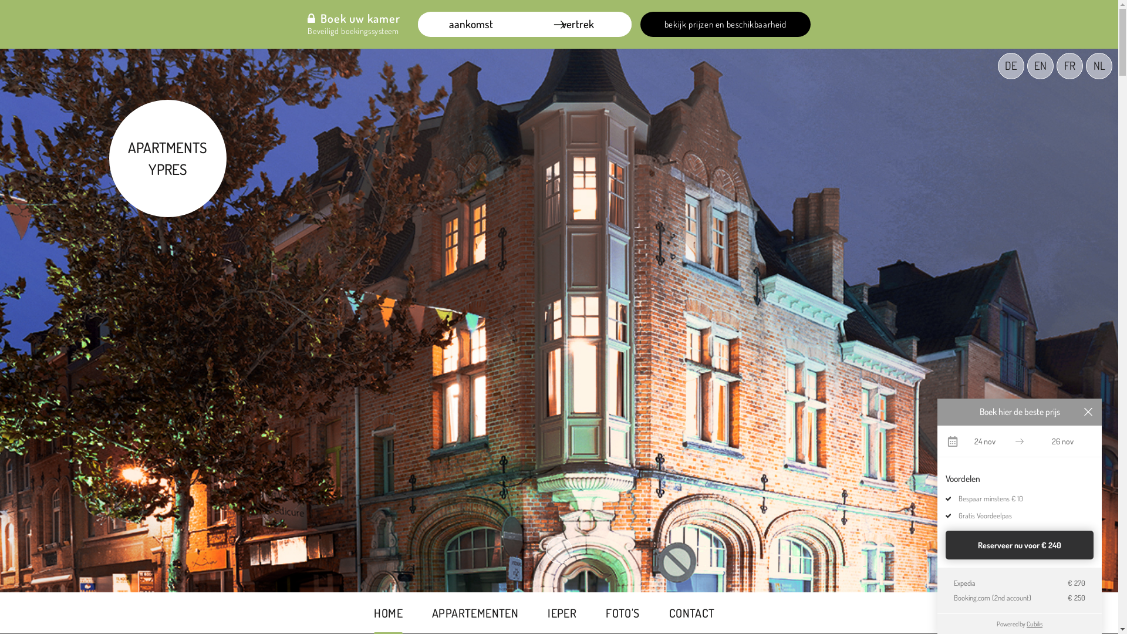  I want to click on 'IEPER', so click(561, 612).